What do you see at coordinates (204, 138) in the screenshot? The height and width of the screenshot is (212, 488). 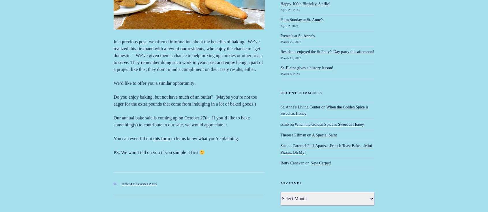 I see `'to let us know what you’re planning.'` at bounding box center [204, 138].